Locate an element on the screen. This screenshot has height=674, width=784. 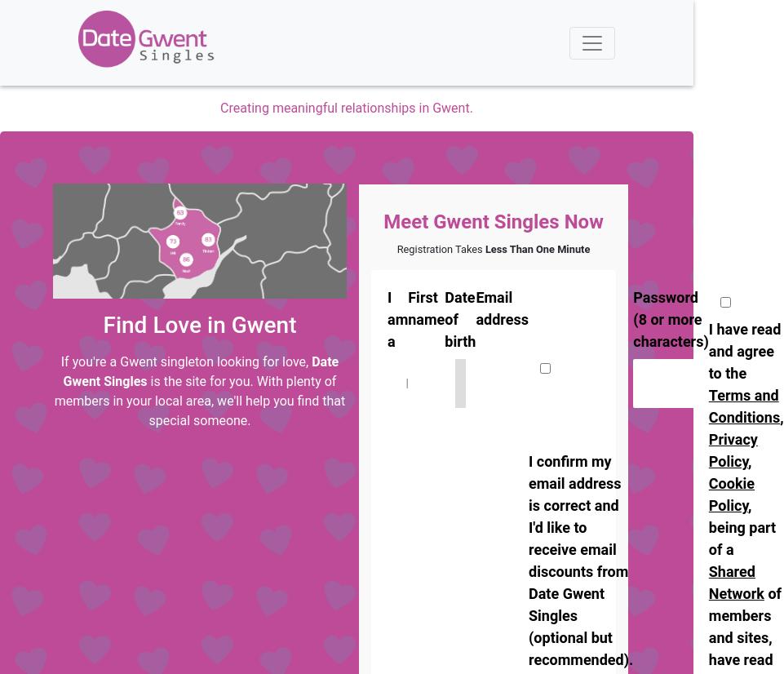
'I am a' is located at coordinates (397, 318).